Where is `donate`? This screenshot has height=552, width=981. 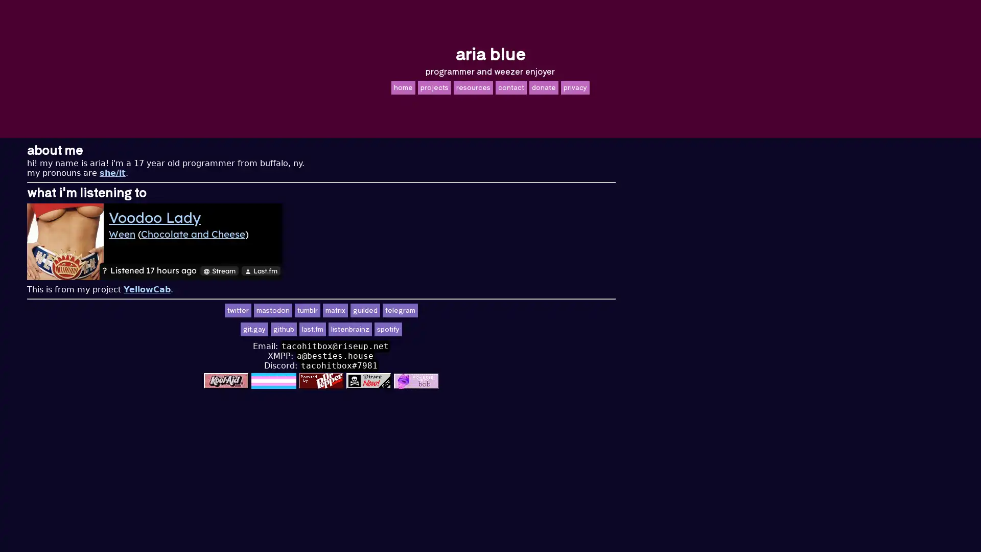 donate is located at coordinates (543, 86).